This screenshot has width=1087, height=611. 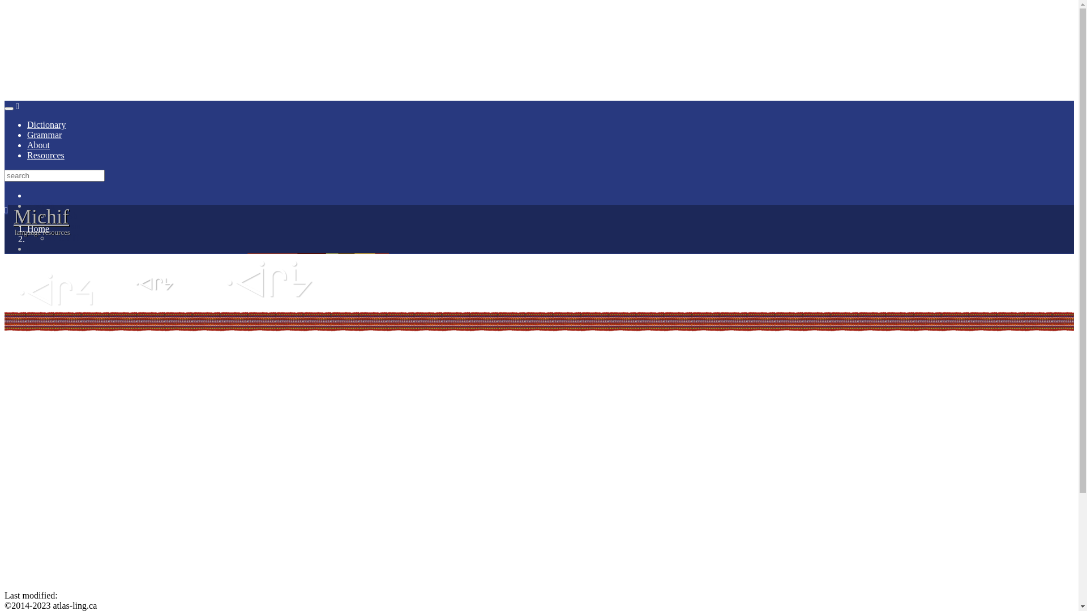 I want to click on 'Michif', so click(x=41, y=216).